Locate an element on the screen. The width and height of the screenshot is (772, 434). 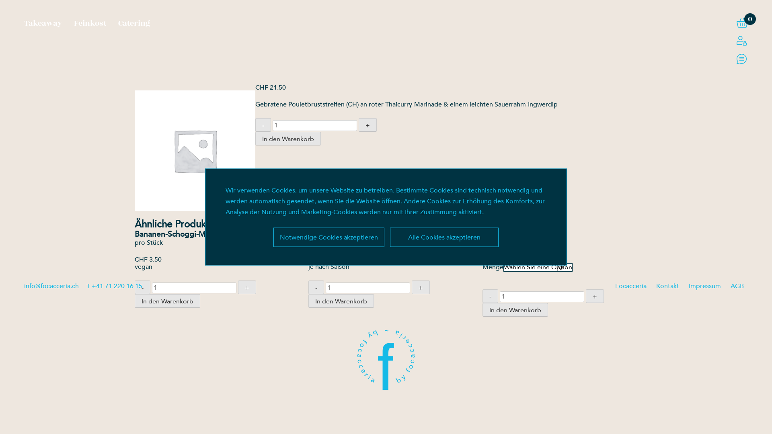
'In den Warenkorb' is located at coordinates (255, 138).